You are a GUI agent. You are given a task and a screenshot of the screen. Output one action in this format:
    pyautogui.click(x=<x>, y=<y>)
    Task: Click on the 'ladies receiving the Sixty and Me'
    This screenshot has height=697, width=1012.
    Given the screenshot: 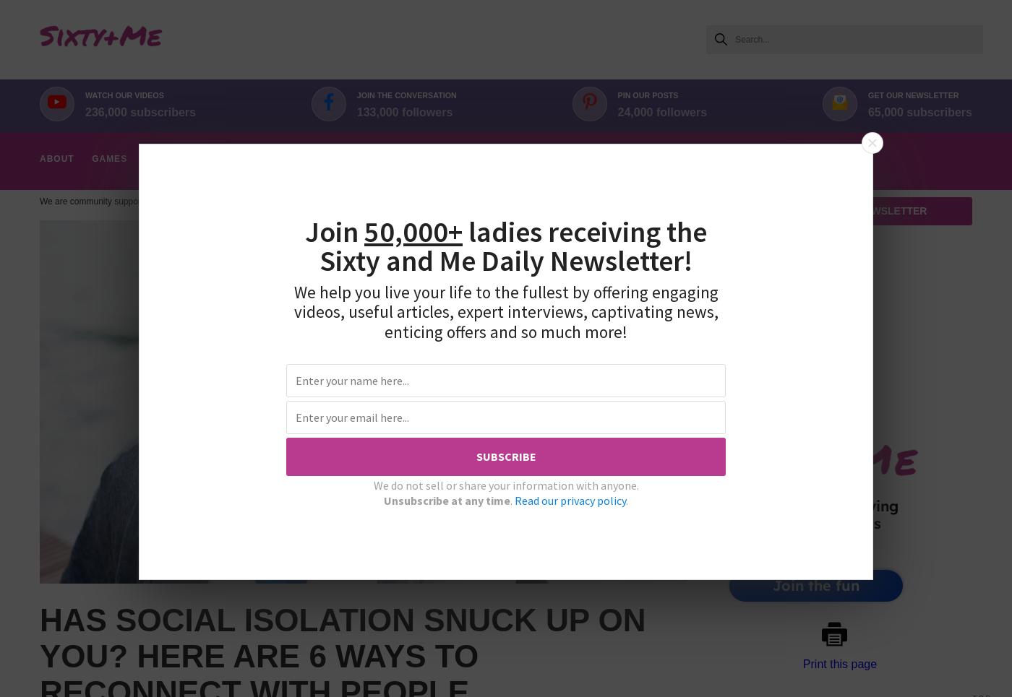 What is the action you would take?
    pyautogui.click(x=513, y=245)
    